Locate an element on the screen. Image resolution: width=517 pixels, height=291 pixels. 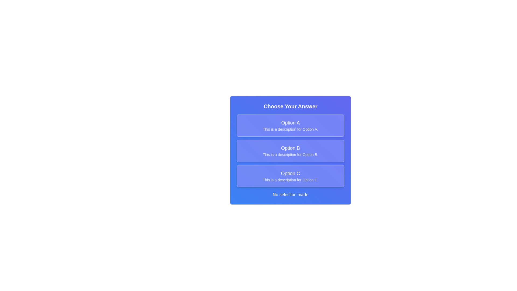
the descriptive text label providing additional information about 'Option B' within a multiple-choice interface is located at coordinates (290, 155).